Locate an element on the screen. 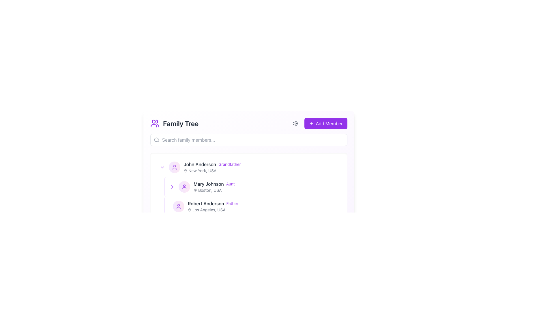 This screenshot has width=554, height=311. the text label that provides additional information about 'John Anderson' is located at coordinates (229, 164).